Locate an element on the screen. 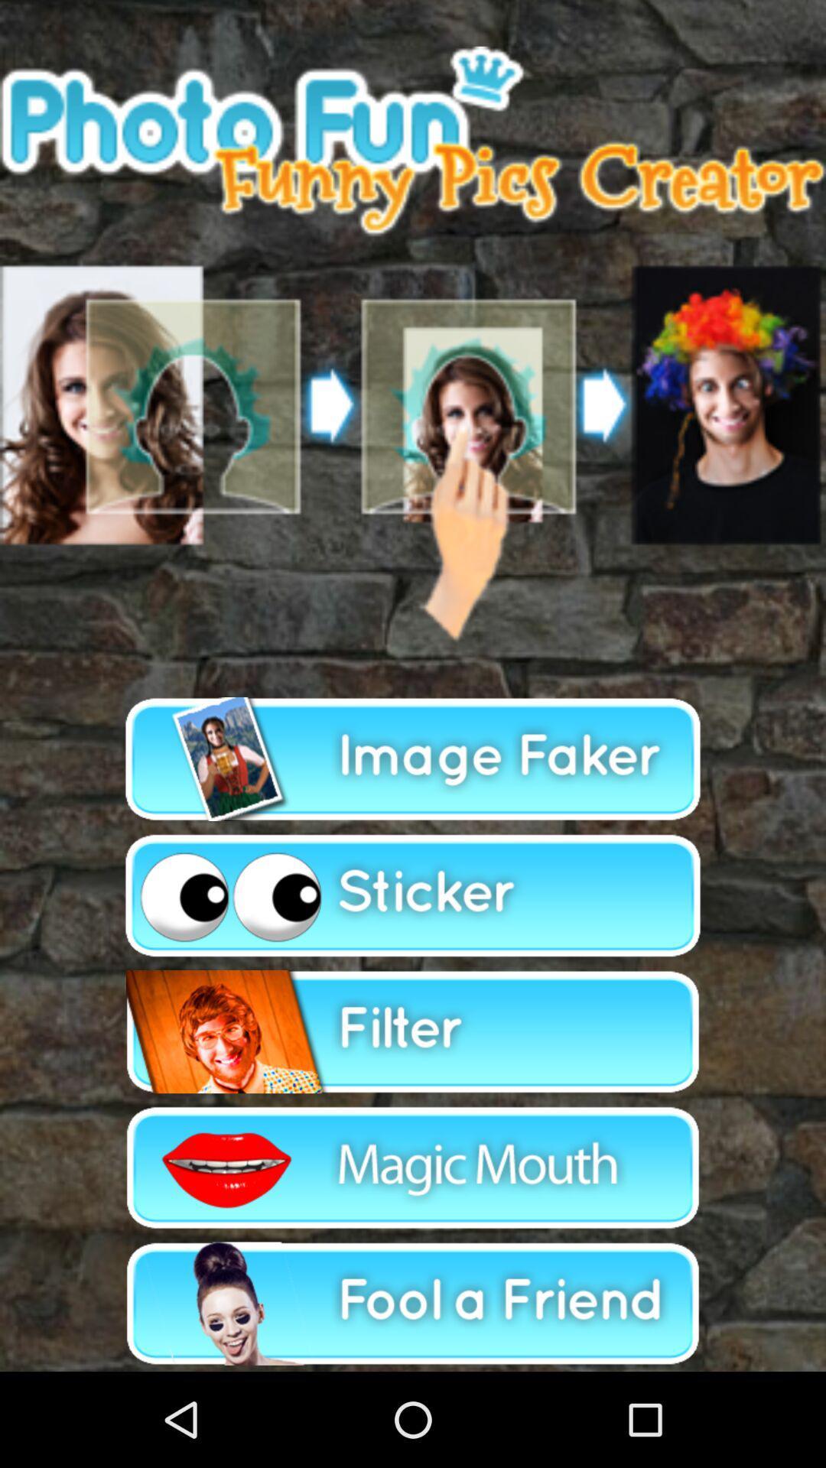 The width and height of the screenshot is (826, 1468). editing options is located at coordinates (413, 1303).